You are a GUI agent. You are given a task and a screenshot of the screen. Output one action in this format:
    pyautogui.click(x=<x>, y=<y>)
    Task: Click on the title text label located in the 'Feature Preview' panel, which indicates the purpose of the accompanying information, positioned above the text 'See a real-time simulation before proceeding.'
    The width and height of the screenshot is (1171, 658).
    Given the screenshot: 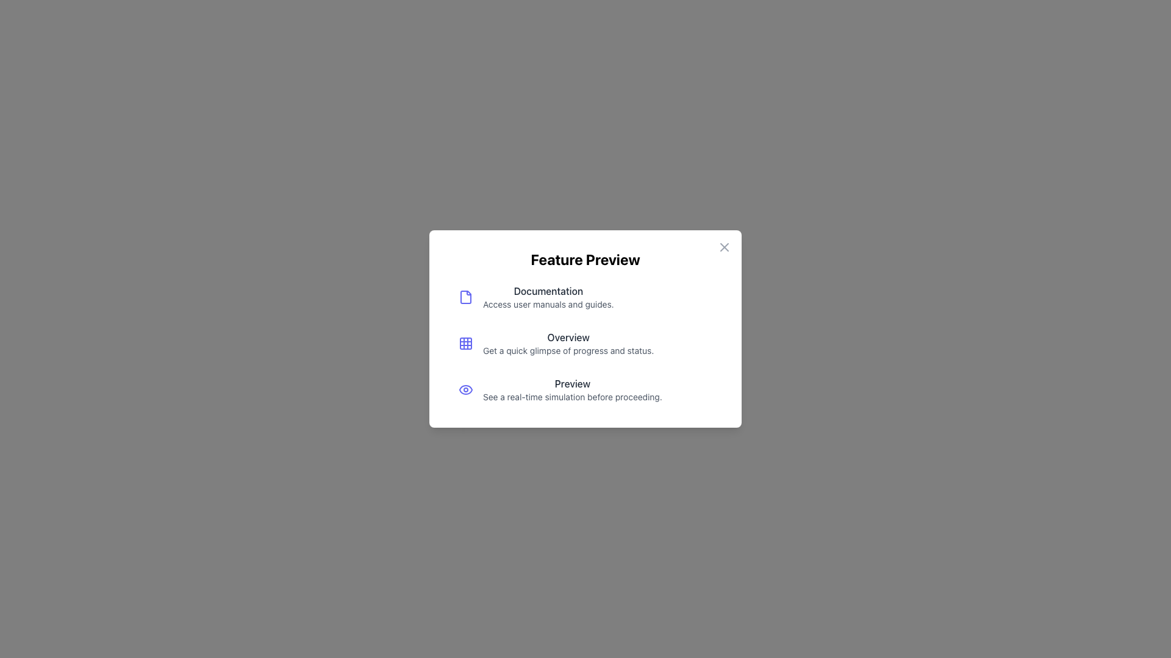 What is the action you would take?
    pyautogui.click(x=571, y=383)
    